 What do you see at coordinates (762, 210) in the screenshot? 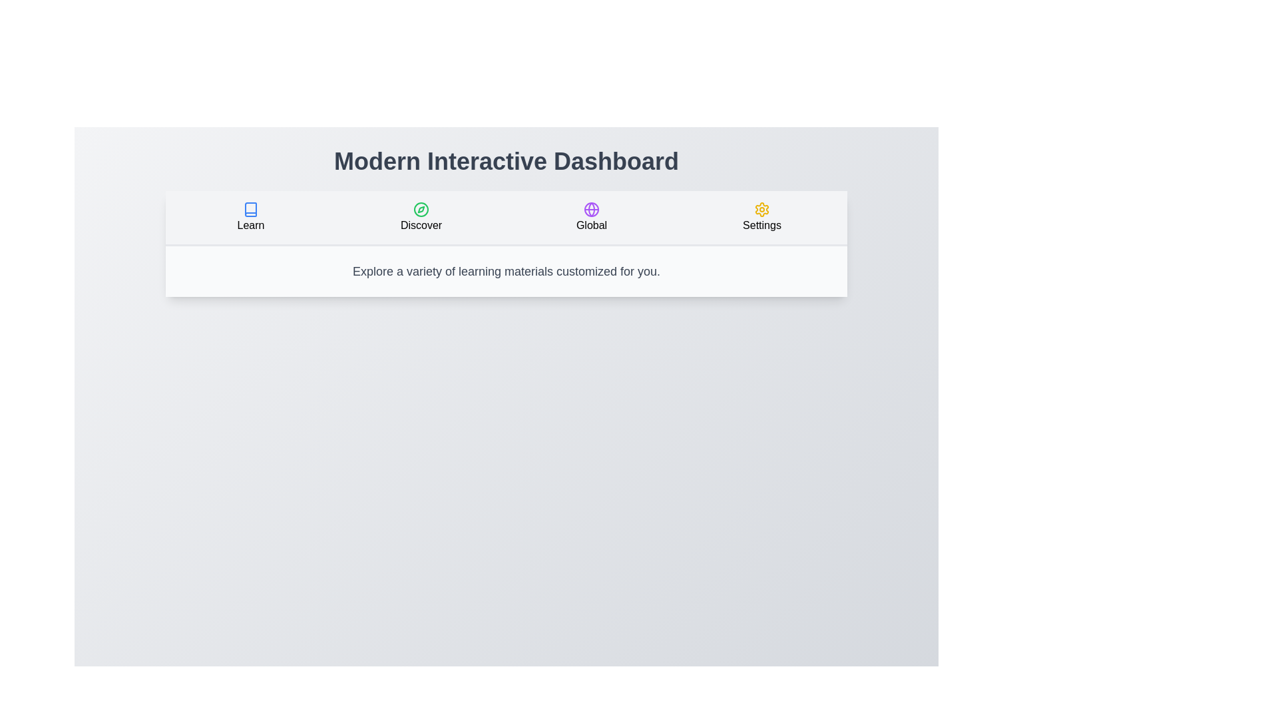
I see `the settings icon, which is a yellow gear-shaped button located next to the label 'Settings'` at bounding box center [762, 210].